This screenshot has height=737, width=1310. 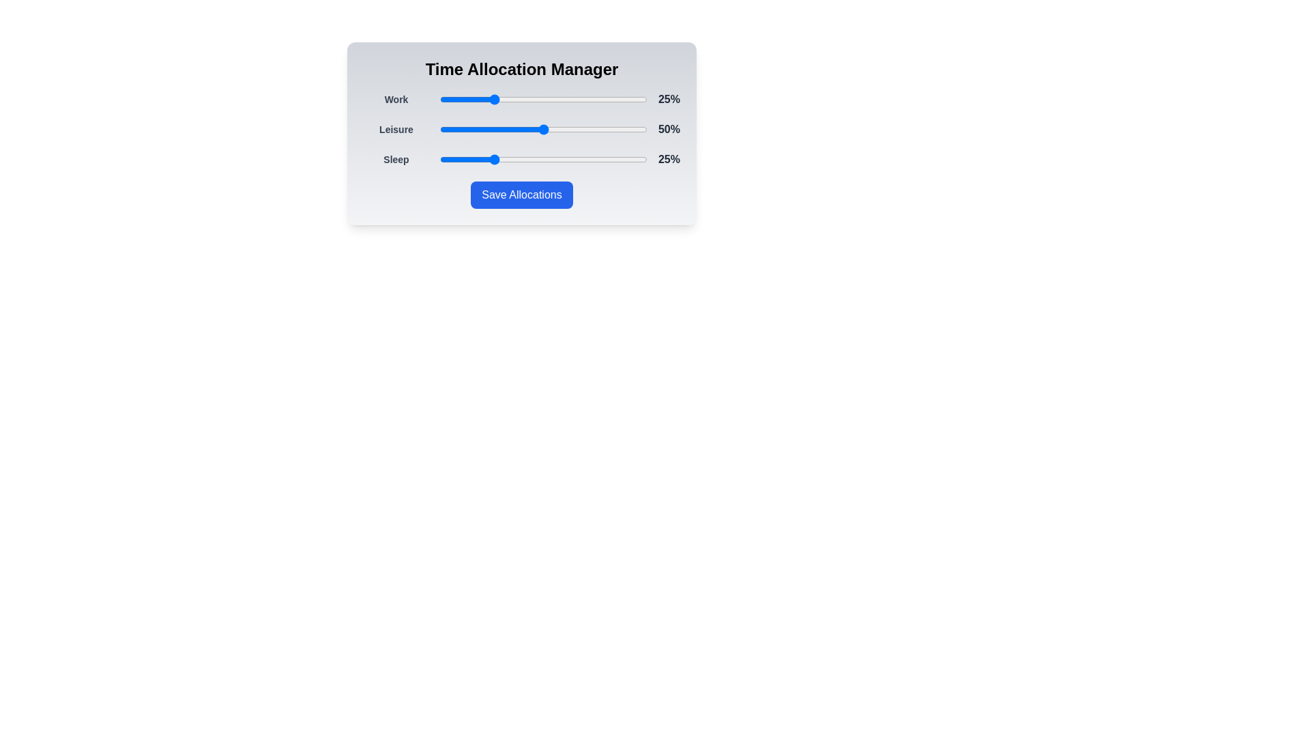 What do you see at coordinates (471, 99) in the screenshot?
I see `the Work slider to 15%` at bounding box center [471, 99].